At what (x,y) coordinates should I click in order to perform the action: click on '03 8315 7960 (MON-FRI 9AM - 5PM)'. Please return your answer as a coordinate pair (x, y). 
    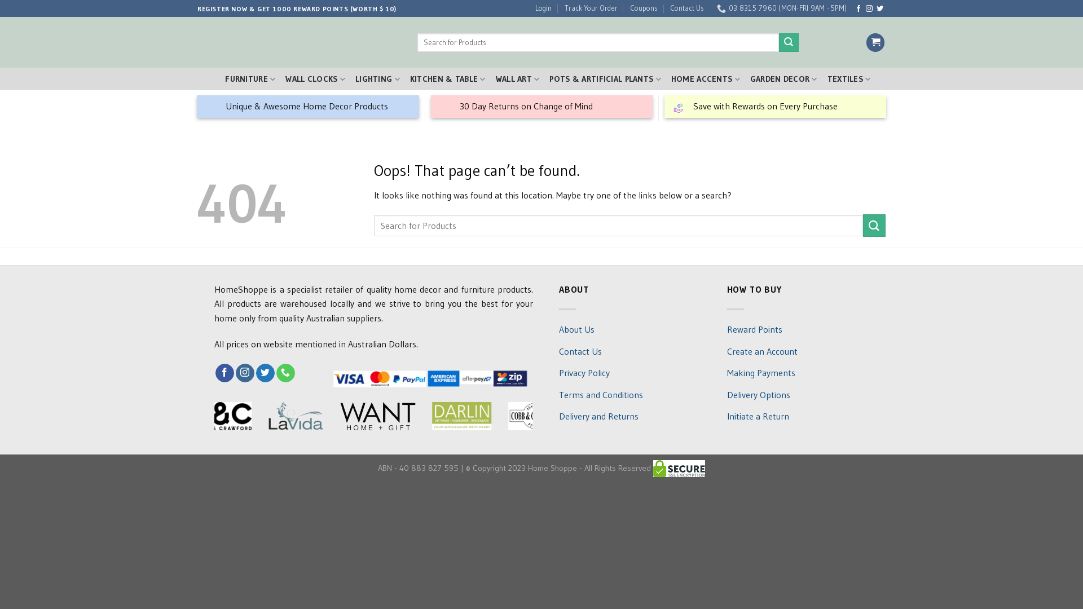
    Looking at the image, I should click on (776, 8).